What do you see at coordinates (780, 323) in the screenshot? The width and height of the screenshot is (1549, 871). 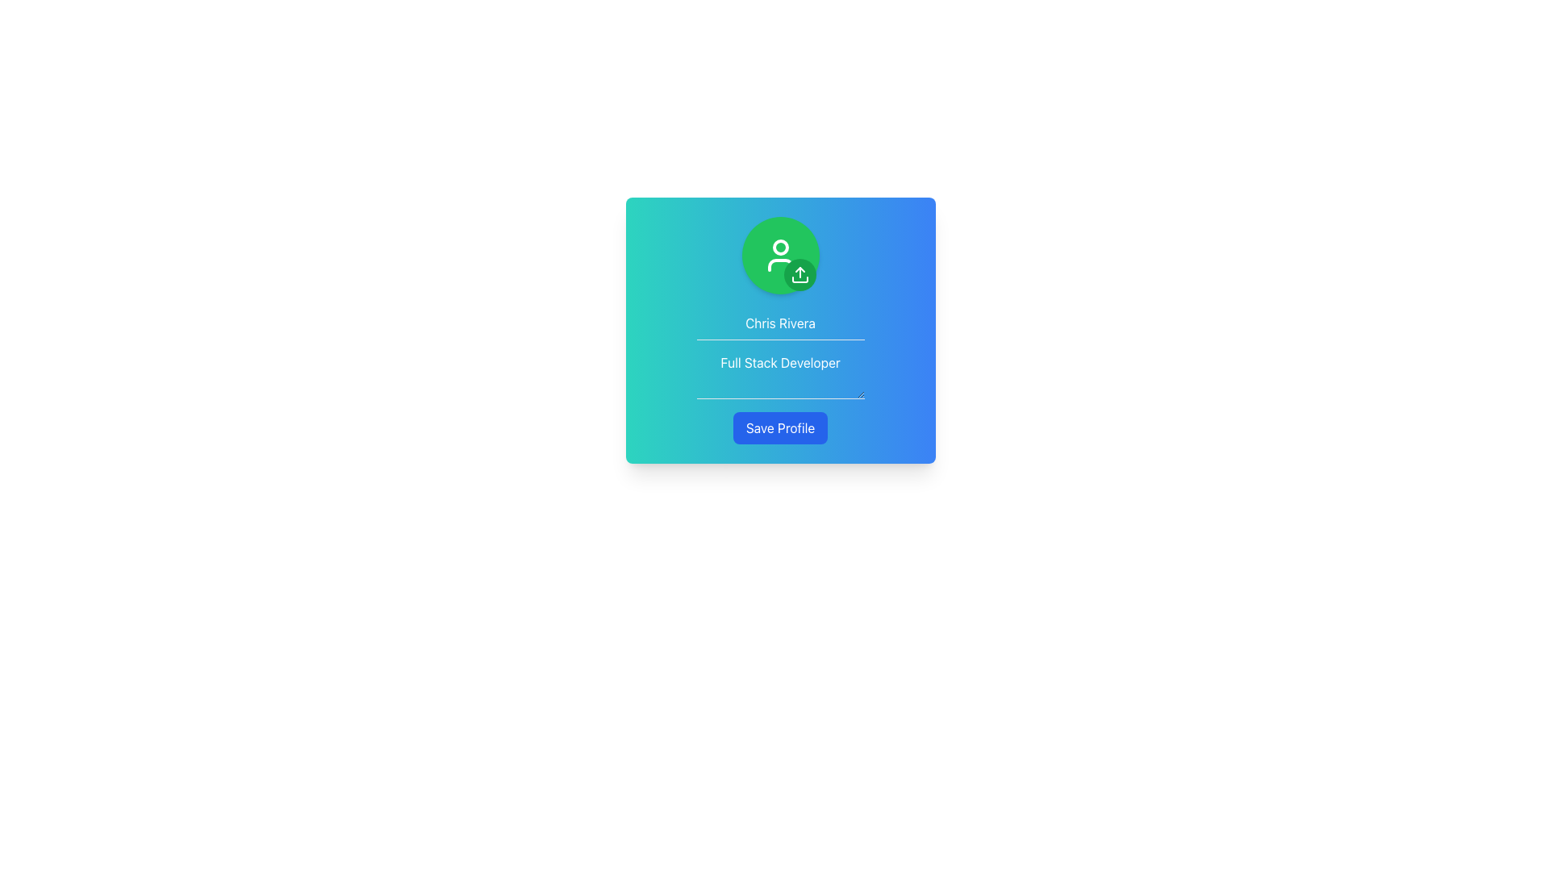 I see `the text input field used for displaying or editing the user's name, currently preset to 'Chris Rivera', to focus on it` at bounding box center [780, 323].